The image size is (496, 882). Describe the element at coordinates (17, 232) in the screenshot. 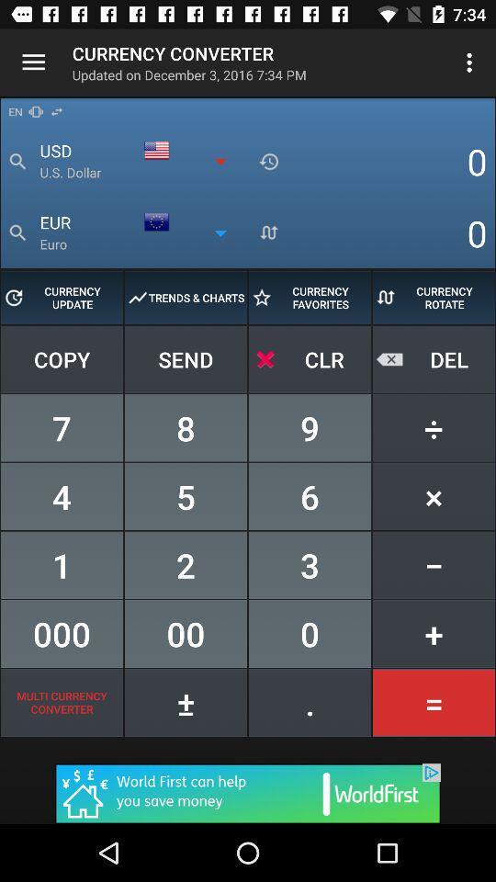

I see `the search icon` at that location.